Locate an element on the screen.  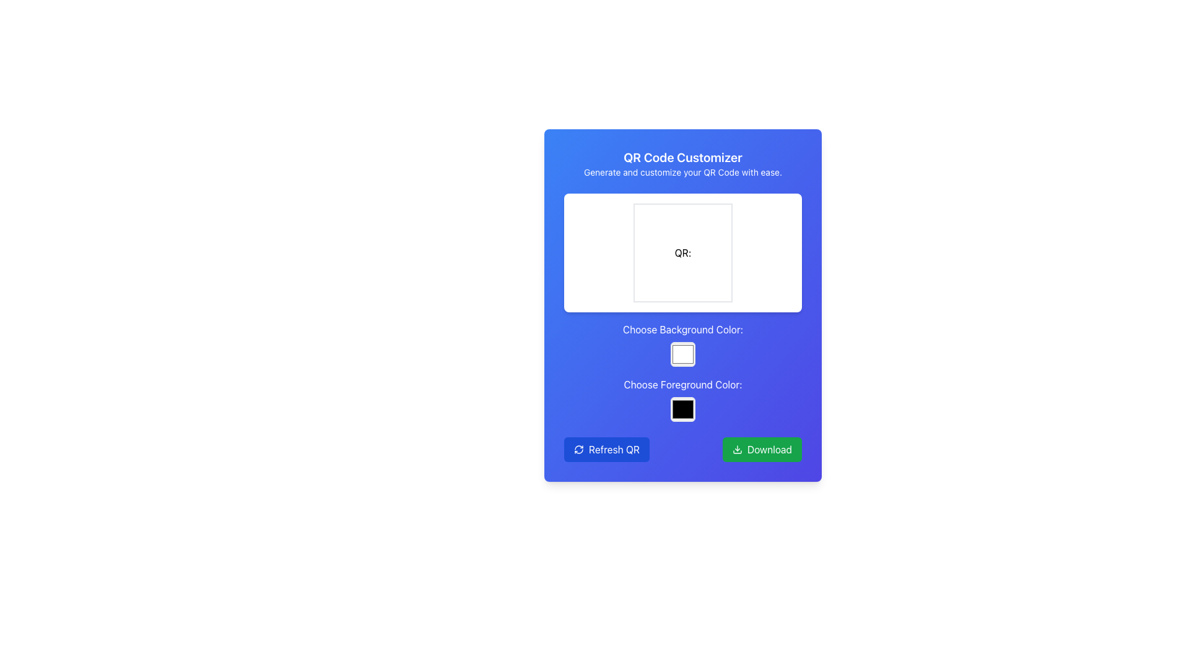
the blue button labeled 'Refresh QR' with rounded corners and white text, located in the bottom-left portion of the interface is located at coordinates (606, 449).